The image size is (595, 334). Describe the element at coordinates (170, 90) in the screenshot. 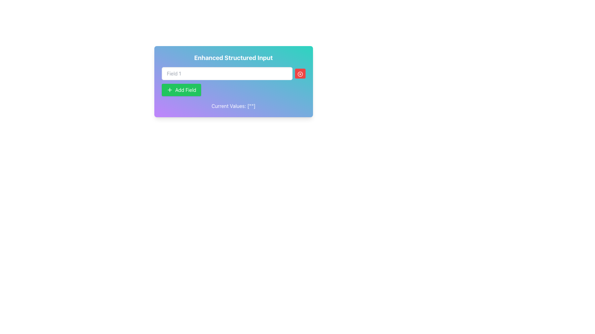

I see `the plus icon located on the left side of the 'Add Field' button, which has a green background with white lines forming a cross` at that location.